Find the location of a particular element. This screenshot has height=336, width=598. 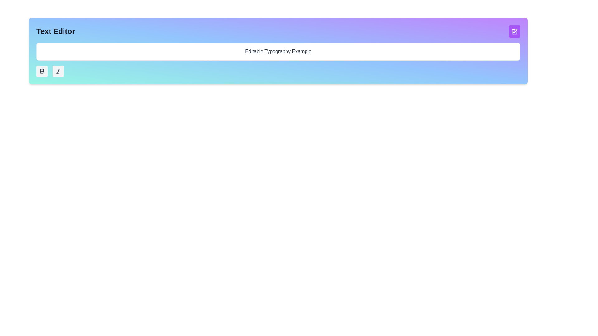

the diagonal line in the SVG graphic of the italic icon located in the second button from the left in the toolbar below the 'Text Editor' label is located at coordinates (58, 71).